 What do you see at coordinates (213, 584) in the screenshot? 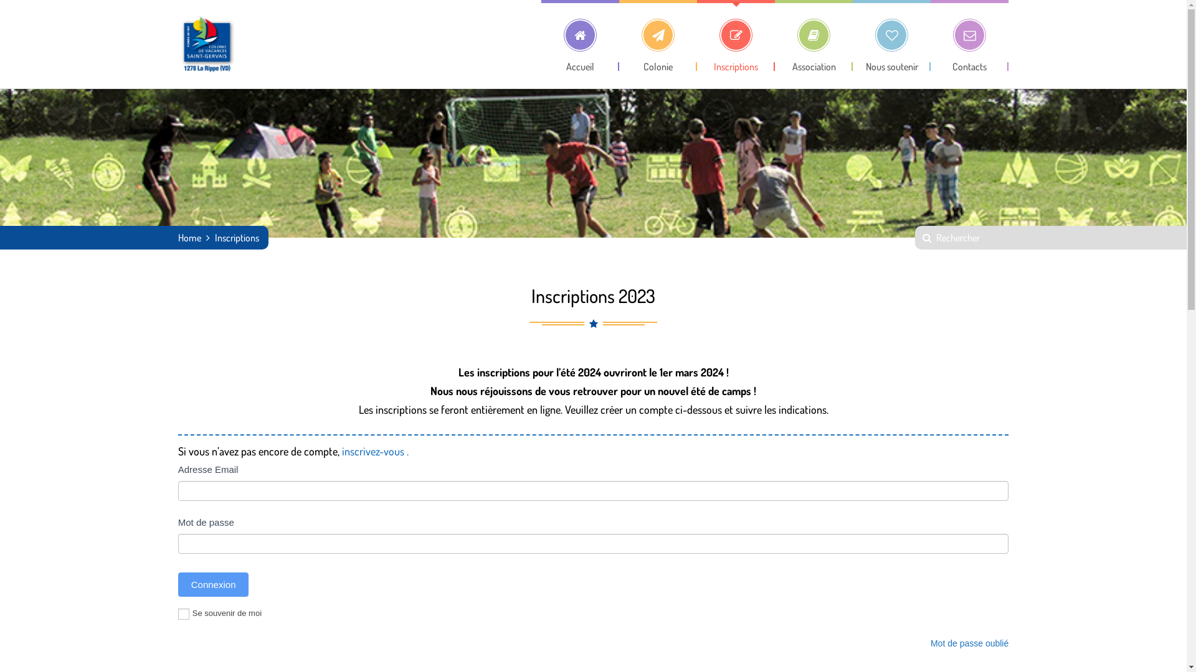
I see `'Connexion'` at bounding box center [213, 584].